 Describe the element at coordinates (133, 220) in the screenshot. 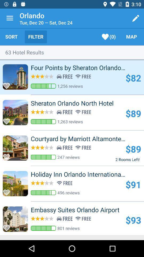

I see `$93 icon` at that location.